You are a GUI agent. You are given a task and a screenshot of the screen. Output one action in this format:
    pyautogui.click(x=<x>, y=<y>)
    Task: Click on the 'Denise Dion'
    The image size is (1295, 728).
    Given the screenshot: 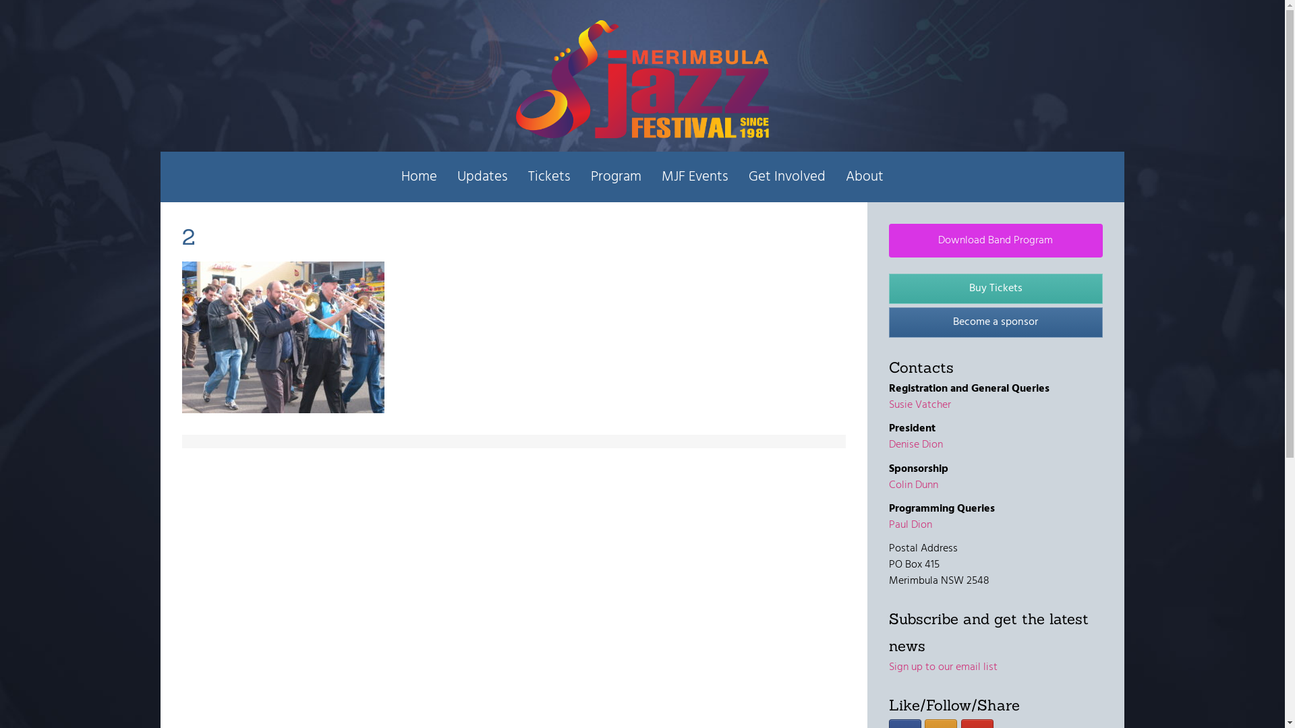 What is the action you would take?
    pyautogui.click(x=889, y=444)
    